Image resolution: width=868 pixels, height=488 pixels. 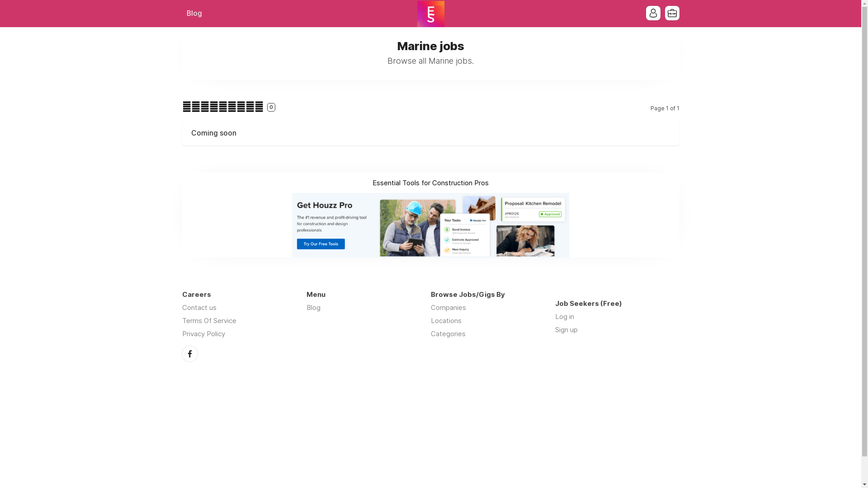 I want to click on 'Contact us', so click(x=198, y=307).